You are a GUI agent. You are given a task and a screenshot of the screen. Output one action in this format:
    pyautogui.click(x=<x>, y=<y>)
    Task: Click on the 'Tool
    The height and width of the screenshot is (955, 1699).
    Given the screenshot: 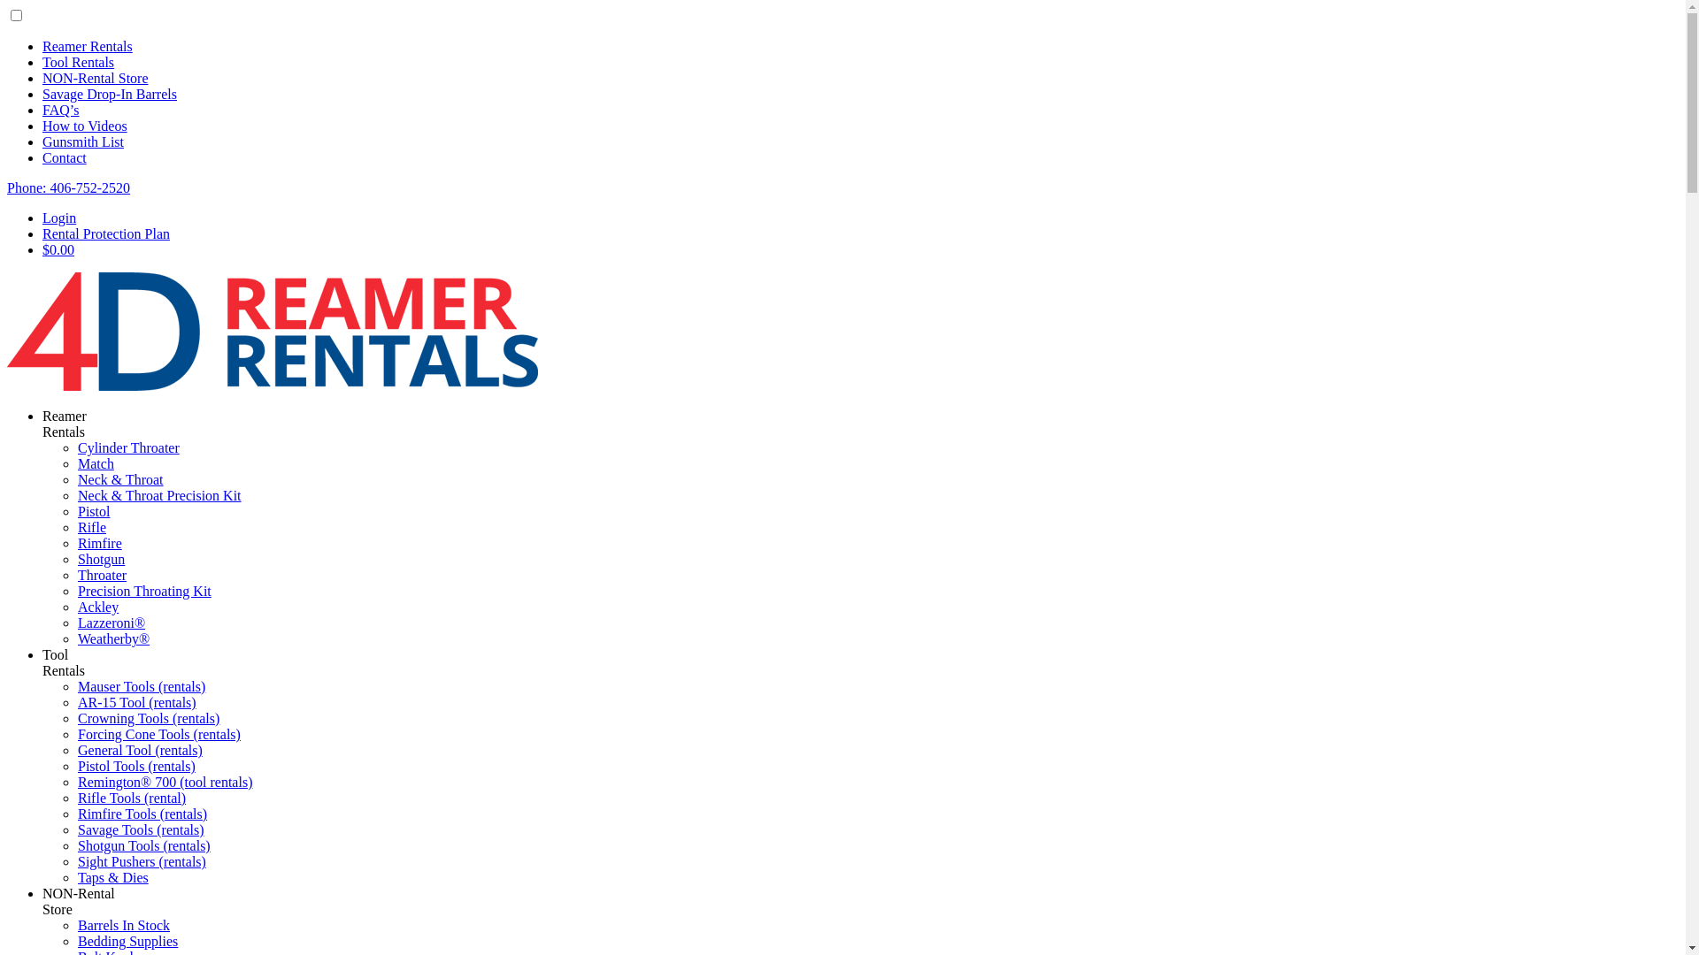 What is the action you would take?
    pyautogui.click(x=64, y=662)
    